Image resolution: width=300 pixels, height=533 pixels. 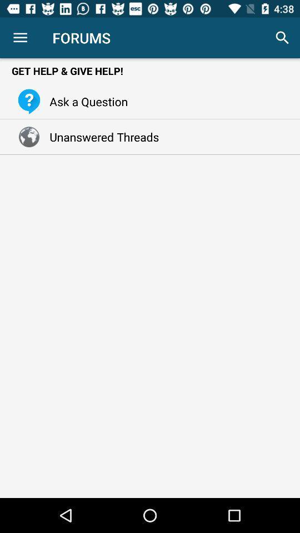 I want to click on item next to forums item, so click(x=20, y=38).